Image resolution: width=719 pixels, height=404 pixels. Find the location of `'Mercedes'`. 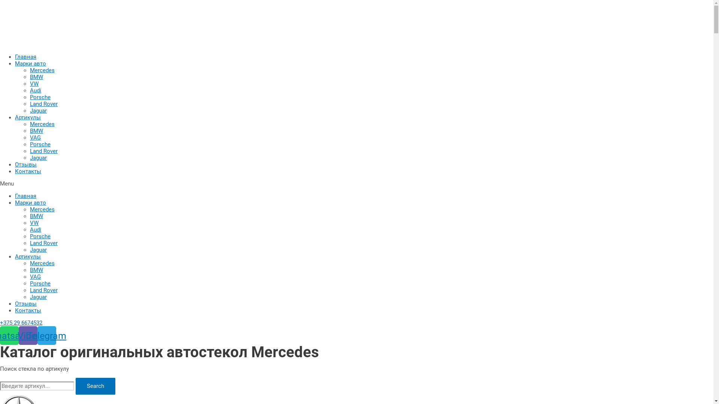

'Mercedes' is located at coordinates (42, 123).